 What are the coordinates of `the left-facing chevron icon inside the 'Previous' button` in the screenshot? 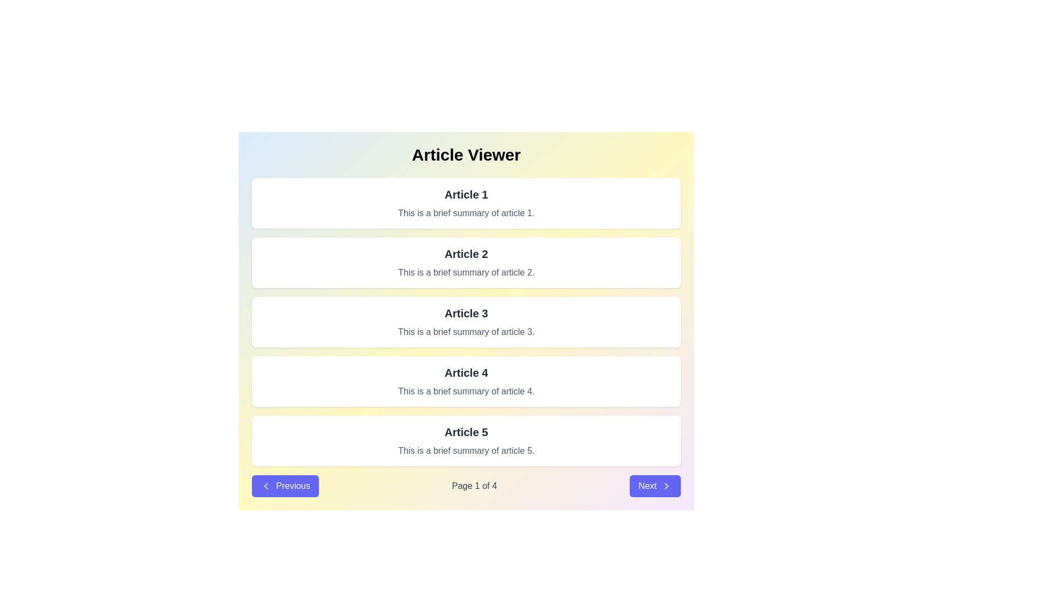 It's located at (266, 485).